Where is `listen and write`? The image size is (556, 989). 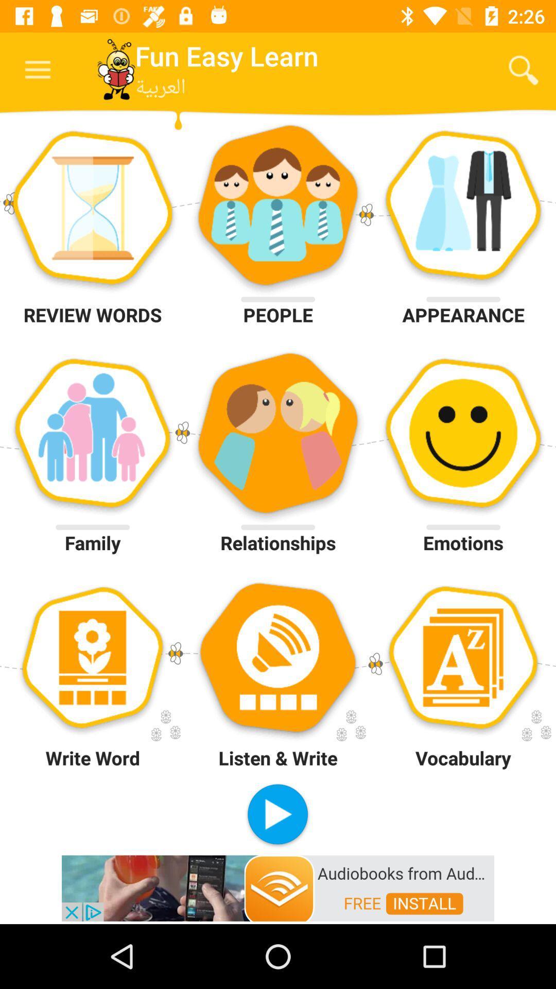 listen and write is located at coordinates (278, 661).